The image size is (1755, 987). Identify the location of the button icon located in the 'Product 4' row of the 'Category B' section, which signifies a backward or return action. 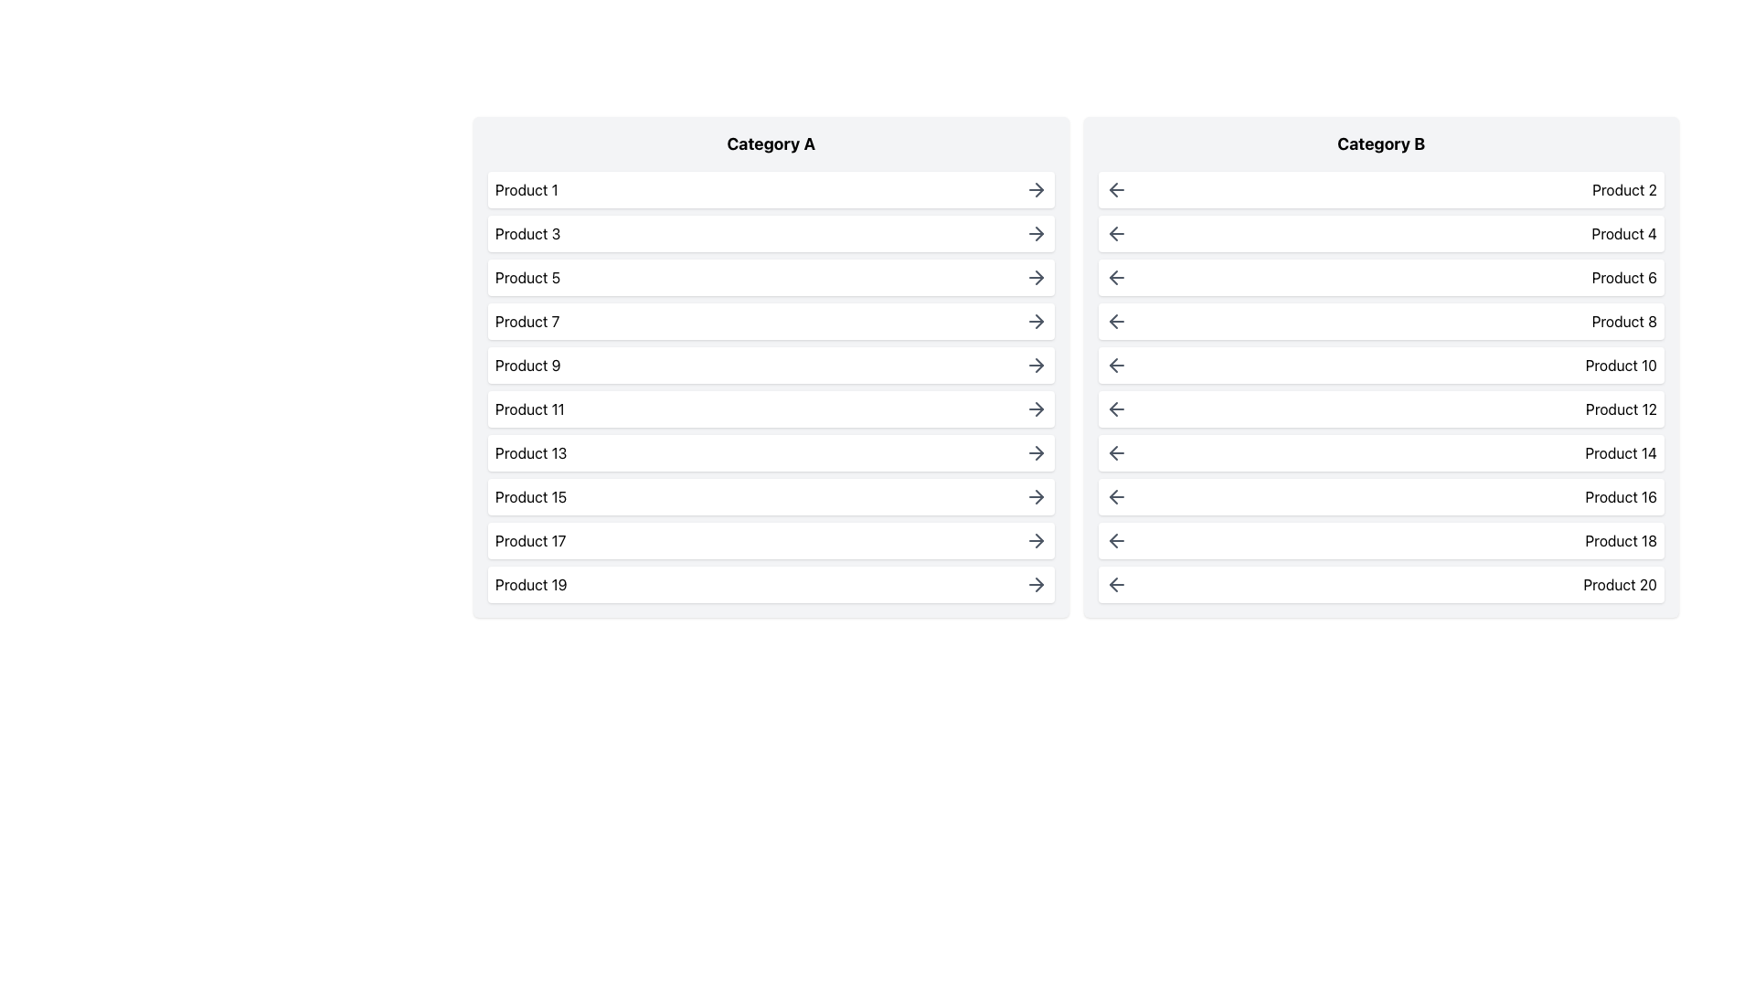
(1115, 232).